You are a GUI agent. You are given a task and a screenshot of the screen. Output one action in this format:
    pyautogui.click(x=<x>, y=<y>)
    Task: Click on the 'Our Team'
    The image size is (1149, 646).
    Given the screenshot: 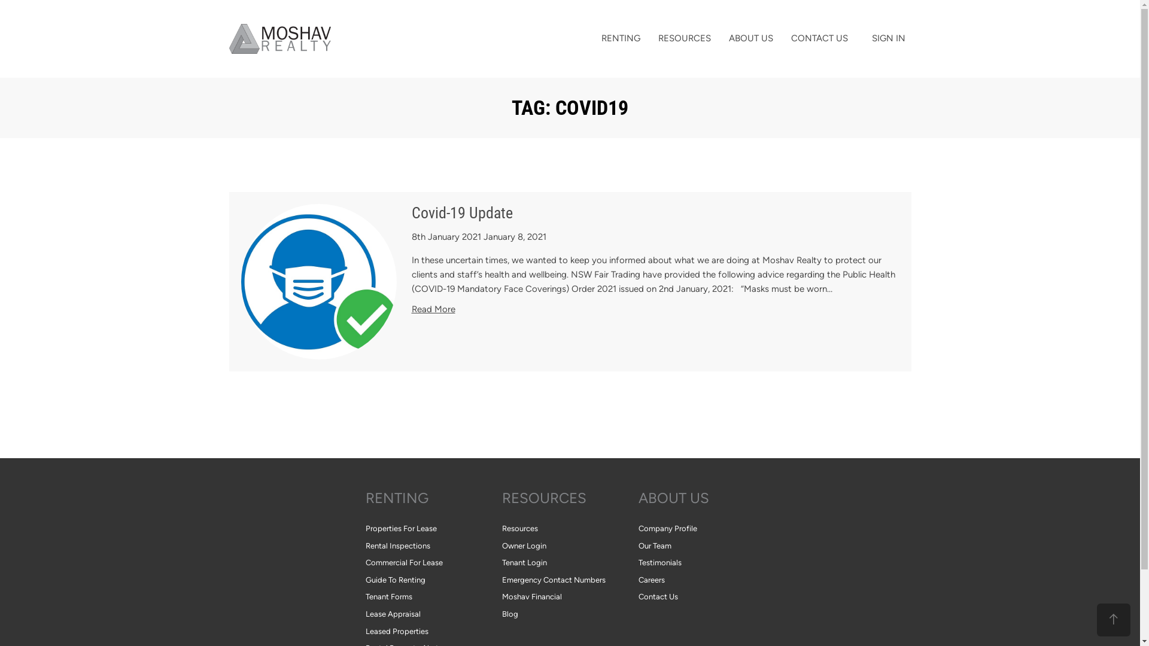 What is the action you would take?
    pyautogui.click(x=706, y=546)
    